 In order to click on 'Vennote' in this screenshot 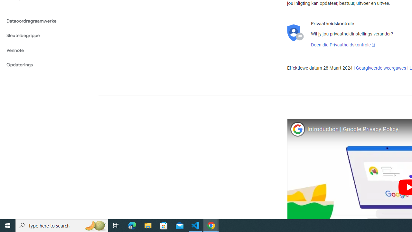, I will do `click(49, 50)`.